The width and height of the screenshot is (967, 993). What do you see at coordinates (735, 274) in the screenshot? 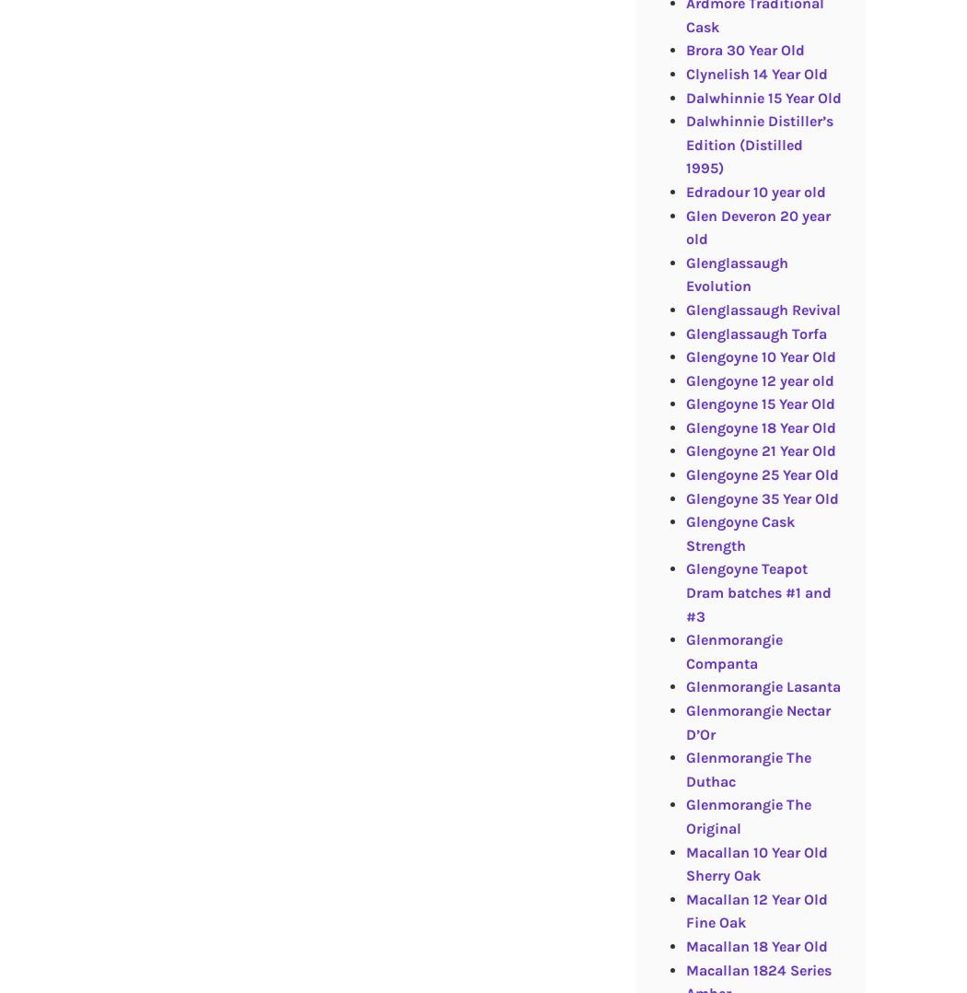
I see `'Glenglassaugh Evolution'` at bounding box center [735, 274].